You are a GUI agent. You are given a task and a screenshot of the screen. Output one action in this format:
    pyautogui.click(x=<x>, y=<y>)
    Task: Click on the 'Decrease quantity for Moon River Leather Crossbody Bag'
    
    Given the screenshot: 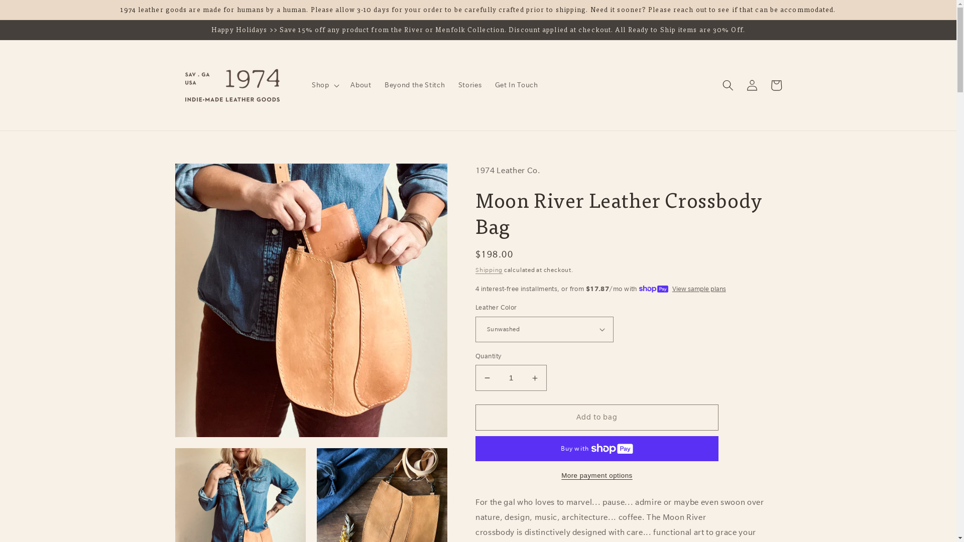 What is the action you would take?
    pyautogui.click(x=487, y=377)
    